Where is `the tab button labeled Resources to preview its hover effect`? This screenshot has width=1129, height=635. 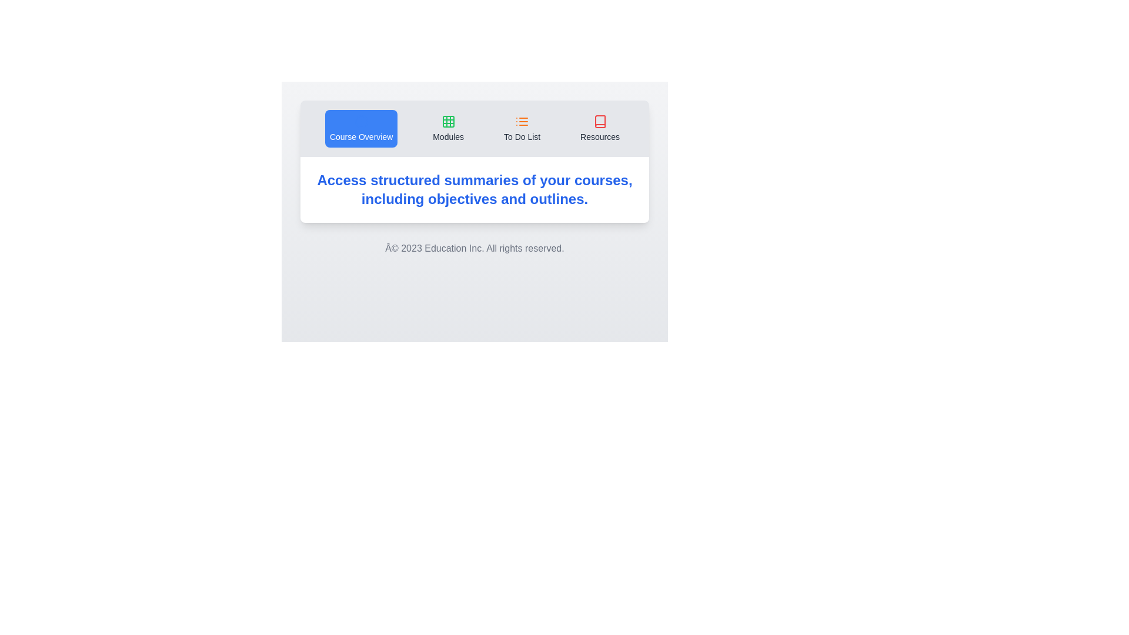 the tab button labeled Resources to preview its hover effect is located at coordinates (600, 129).